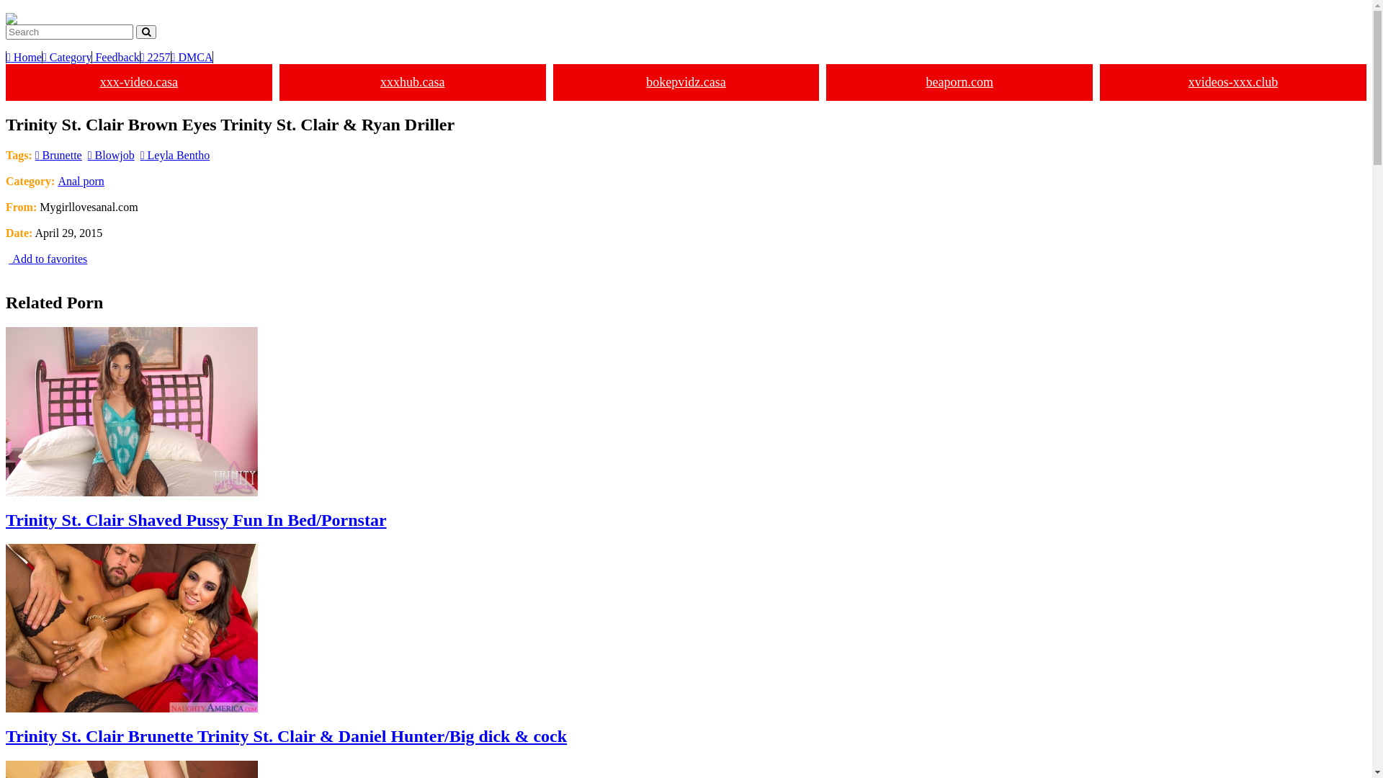 This screenshot has height=778, width=1383. I want to click on 'DMCA', so click(192, 56).